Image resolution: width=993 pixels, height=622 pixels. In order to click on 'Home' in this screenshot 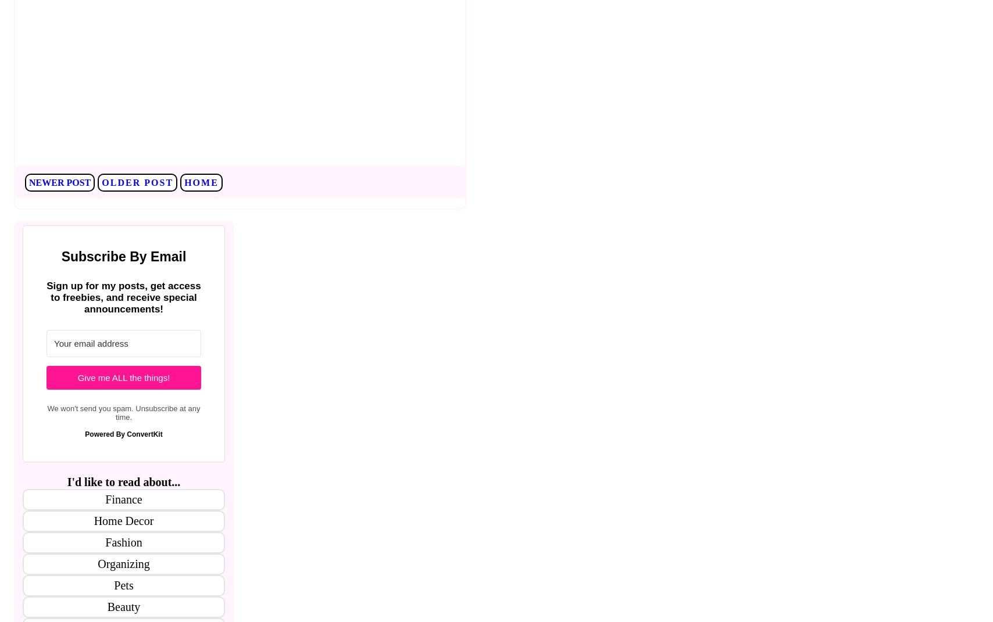, I will do `click(201, 182)`.